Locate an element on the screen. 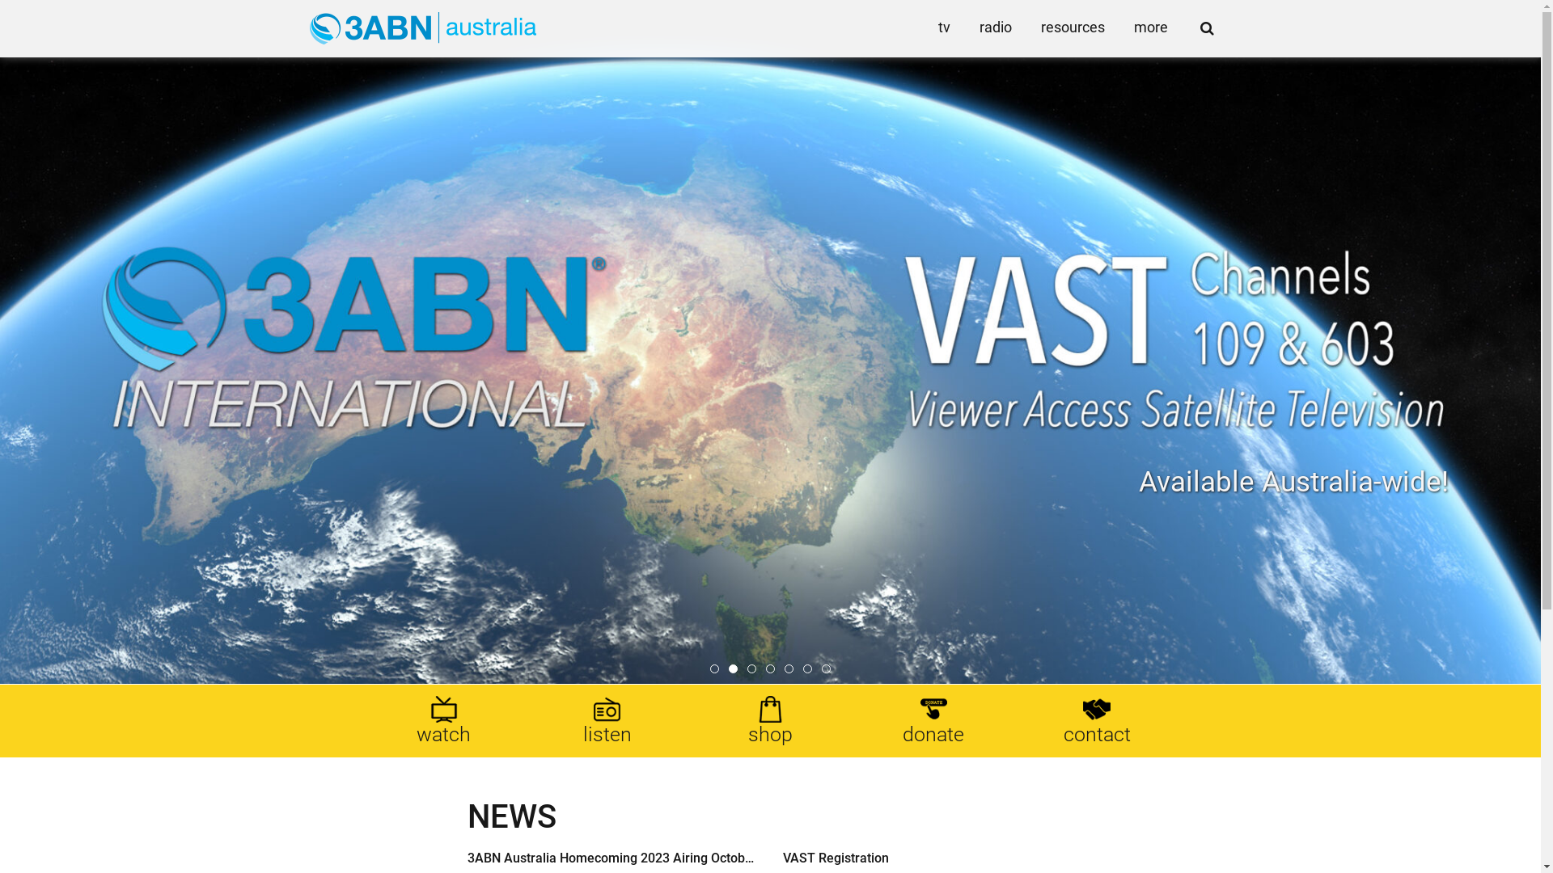 This screenshot has height=873, width=1553. '5' is located at coordinates (789, 668).